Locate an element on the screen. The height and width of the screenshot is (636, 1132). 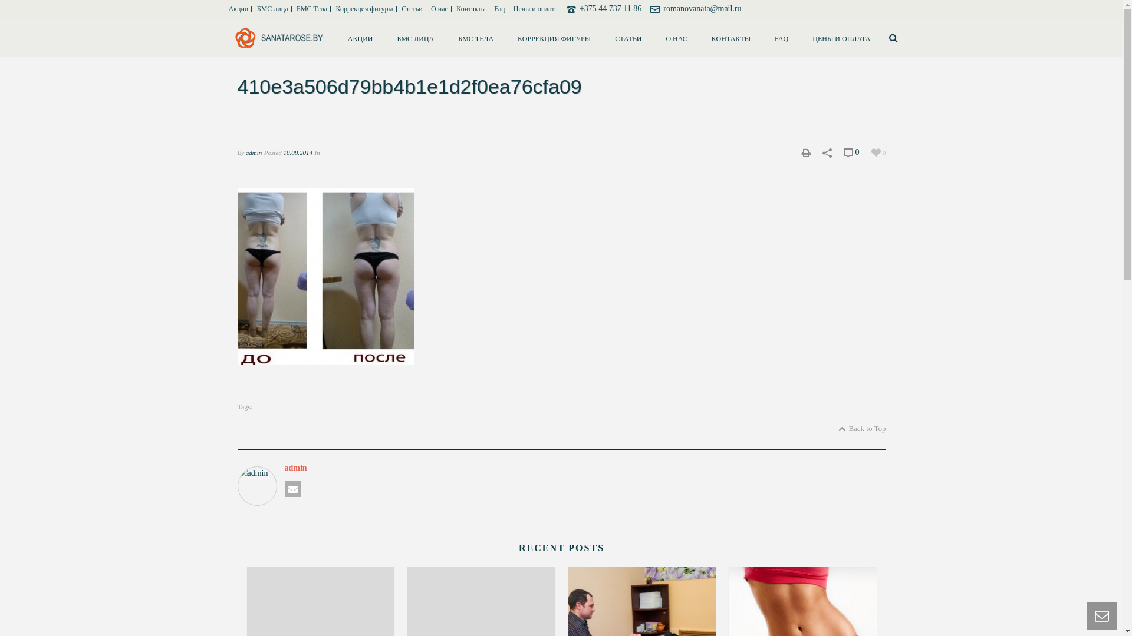
'Sanata Rose' is located at coordinates (278, 37).